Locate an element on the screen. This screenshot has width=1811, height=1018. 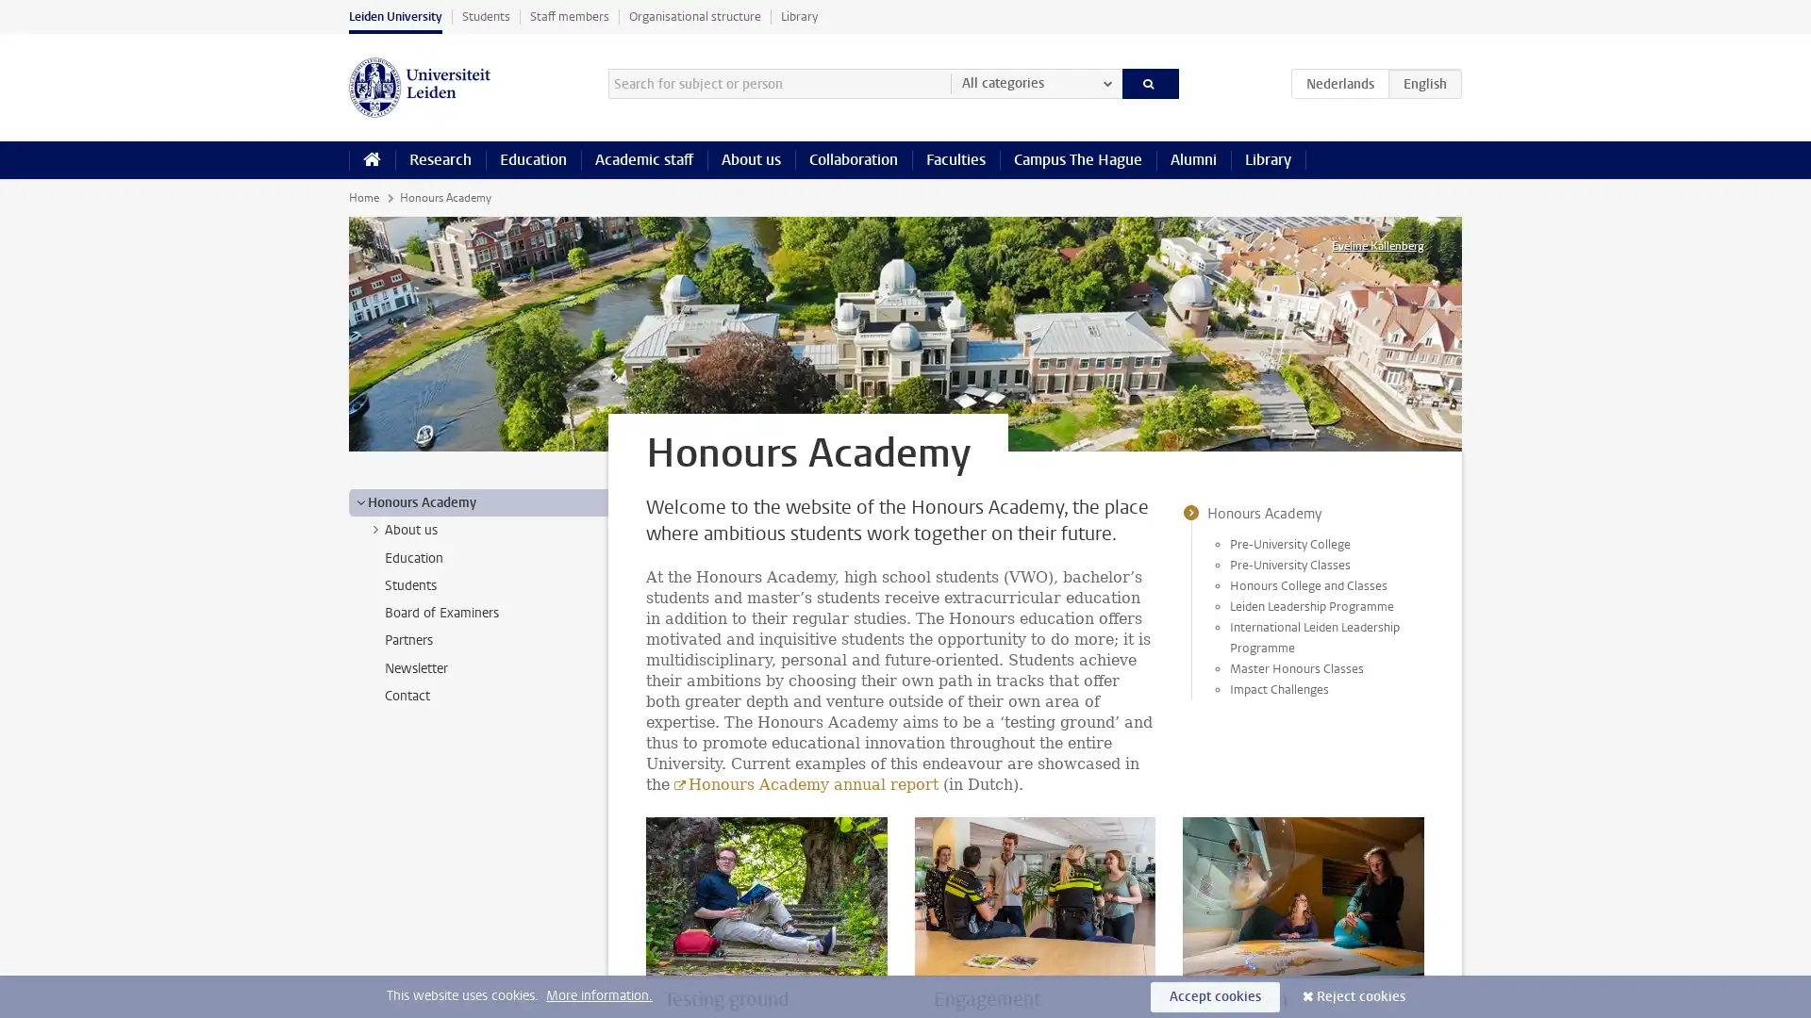
Accept cookies is located at coordinates (1215, 995).